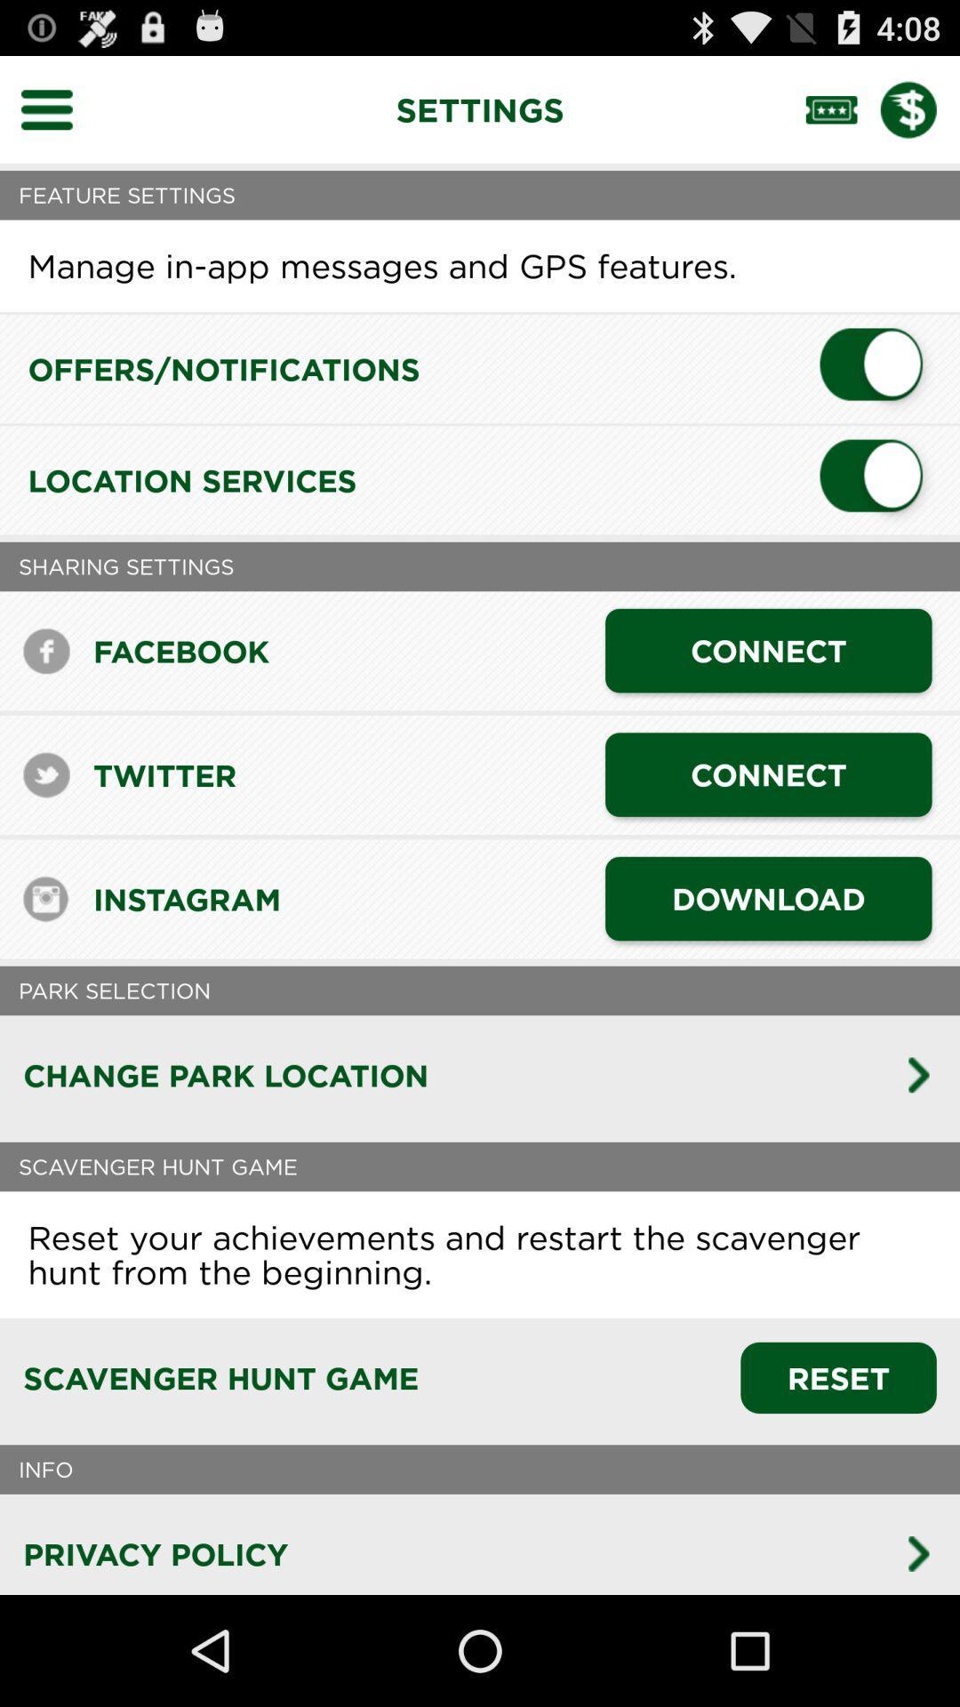 This screenshot has height=1707, width=960. Describe the element at coordinates (877, 480) in the screenshot. I see `switch location service` at that location.